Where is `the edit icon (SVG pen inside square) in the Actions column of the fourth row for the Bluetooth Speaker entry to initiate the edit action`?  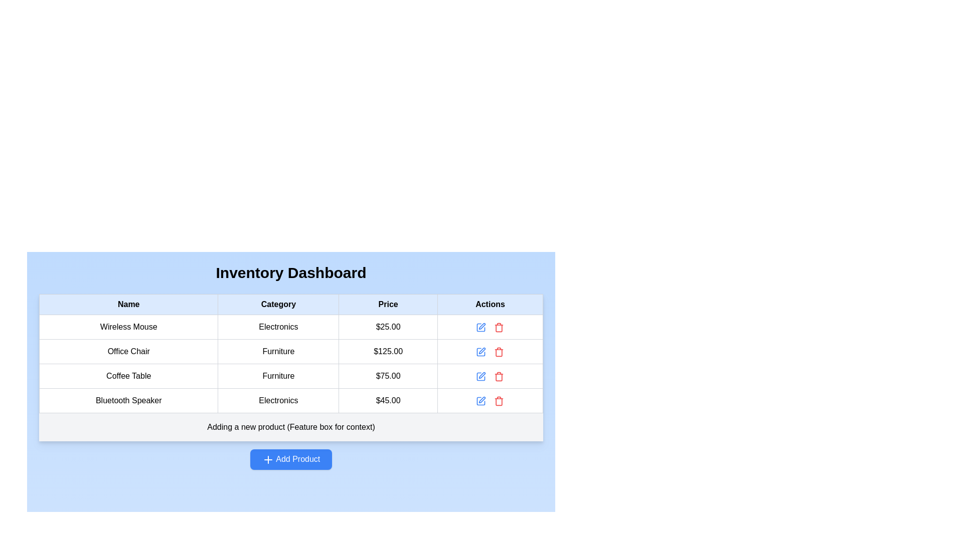
the edit icon (SVG pen inside square) in the Actions column of the fourth row for the Bluetooth Speaker entry to initiate the edit action is located at coordinates (480, 400).